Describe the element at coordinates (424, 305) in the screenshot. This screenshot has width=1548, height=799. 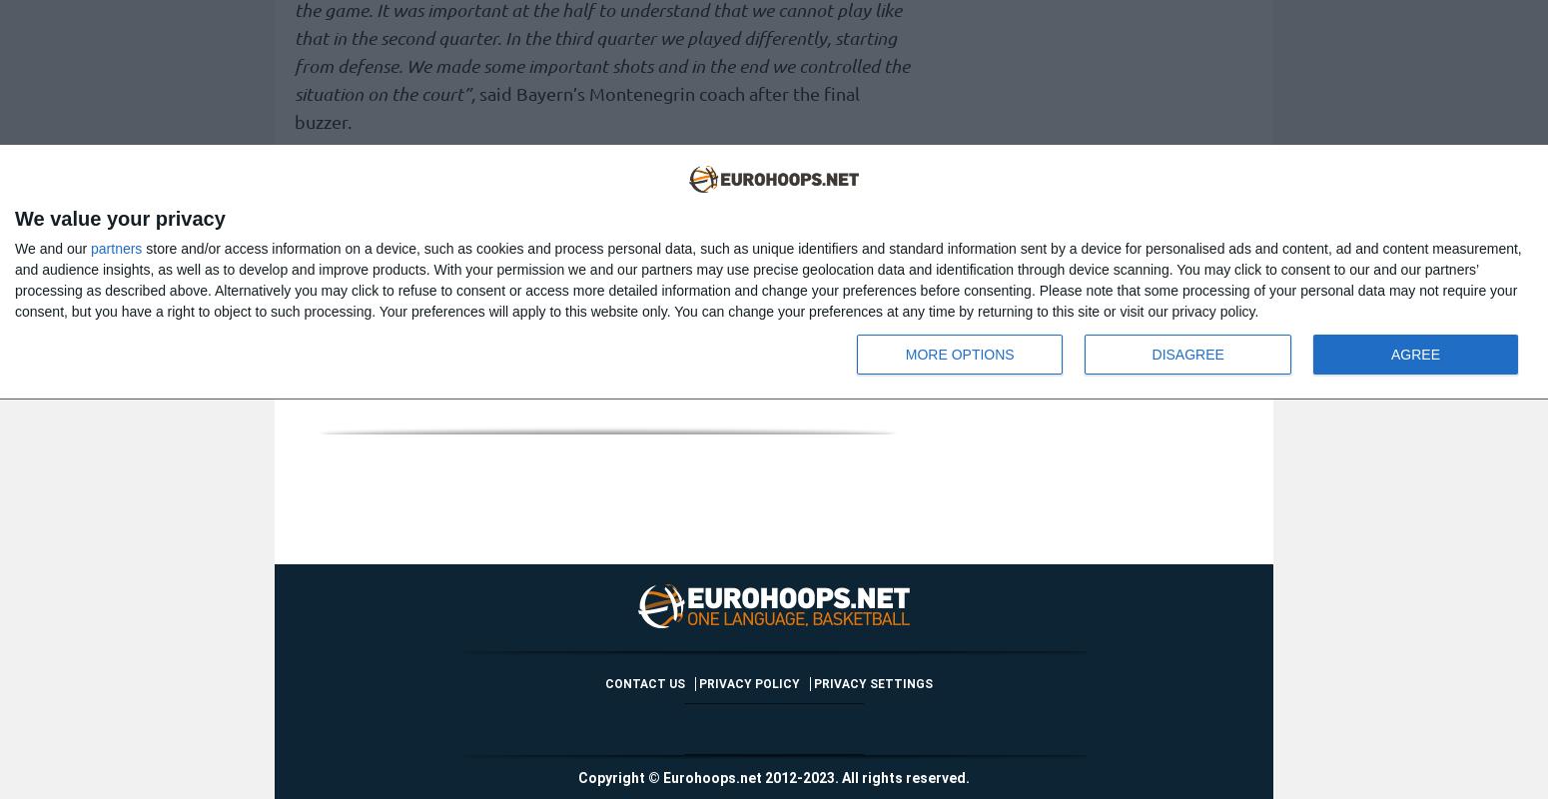
I see `'For more EuroLeague news,'` at that location.